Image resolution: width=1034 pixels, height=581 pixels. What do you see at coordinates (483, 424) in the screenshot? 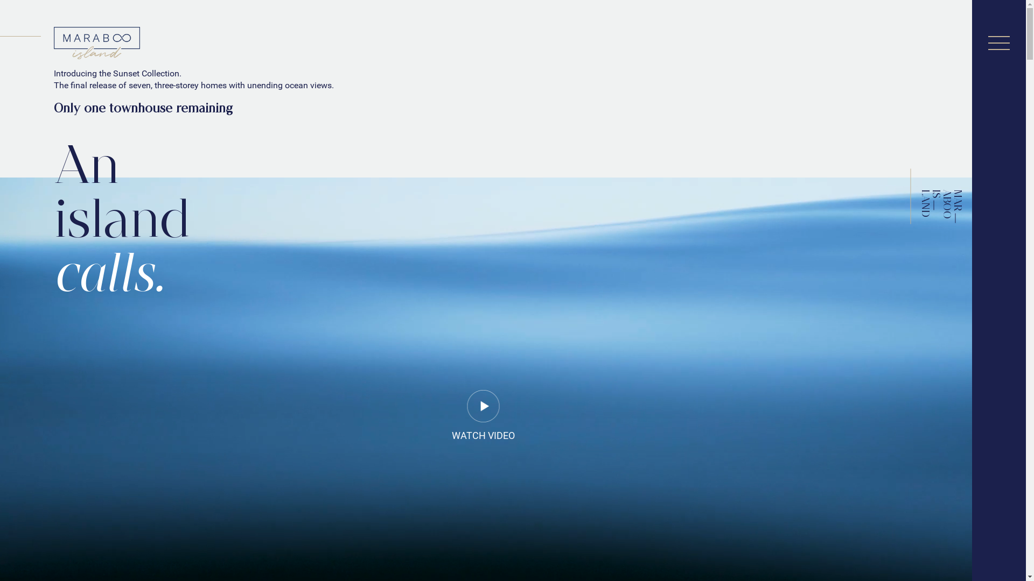
I see `'WATCH VIDEO'` at bounding box center [483, 424].